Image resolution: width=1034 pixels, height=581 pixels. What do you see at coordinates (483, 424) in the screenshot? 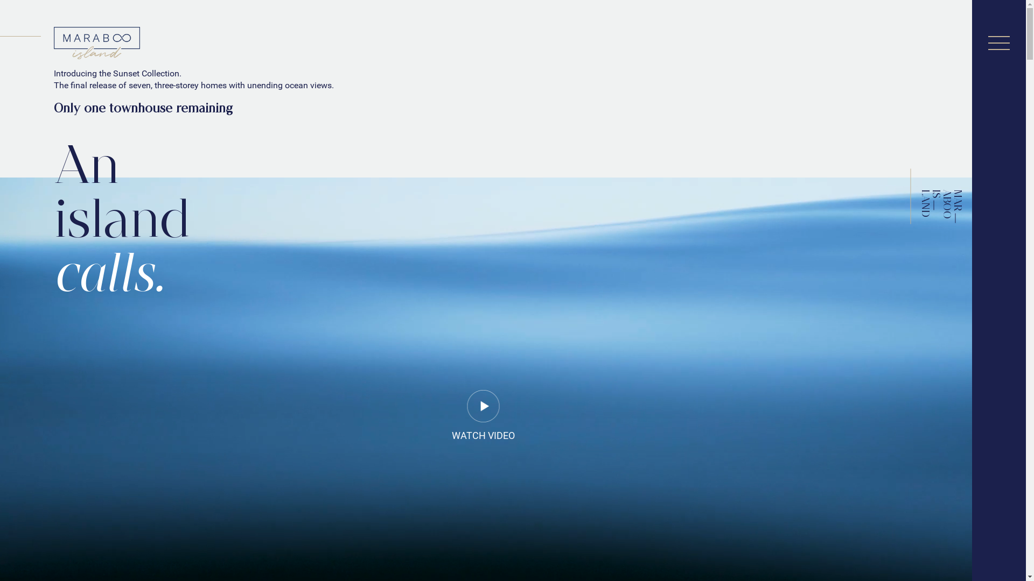
I see `'WATCH VIDEO'` at bounding box center [483, 424].